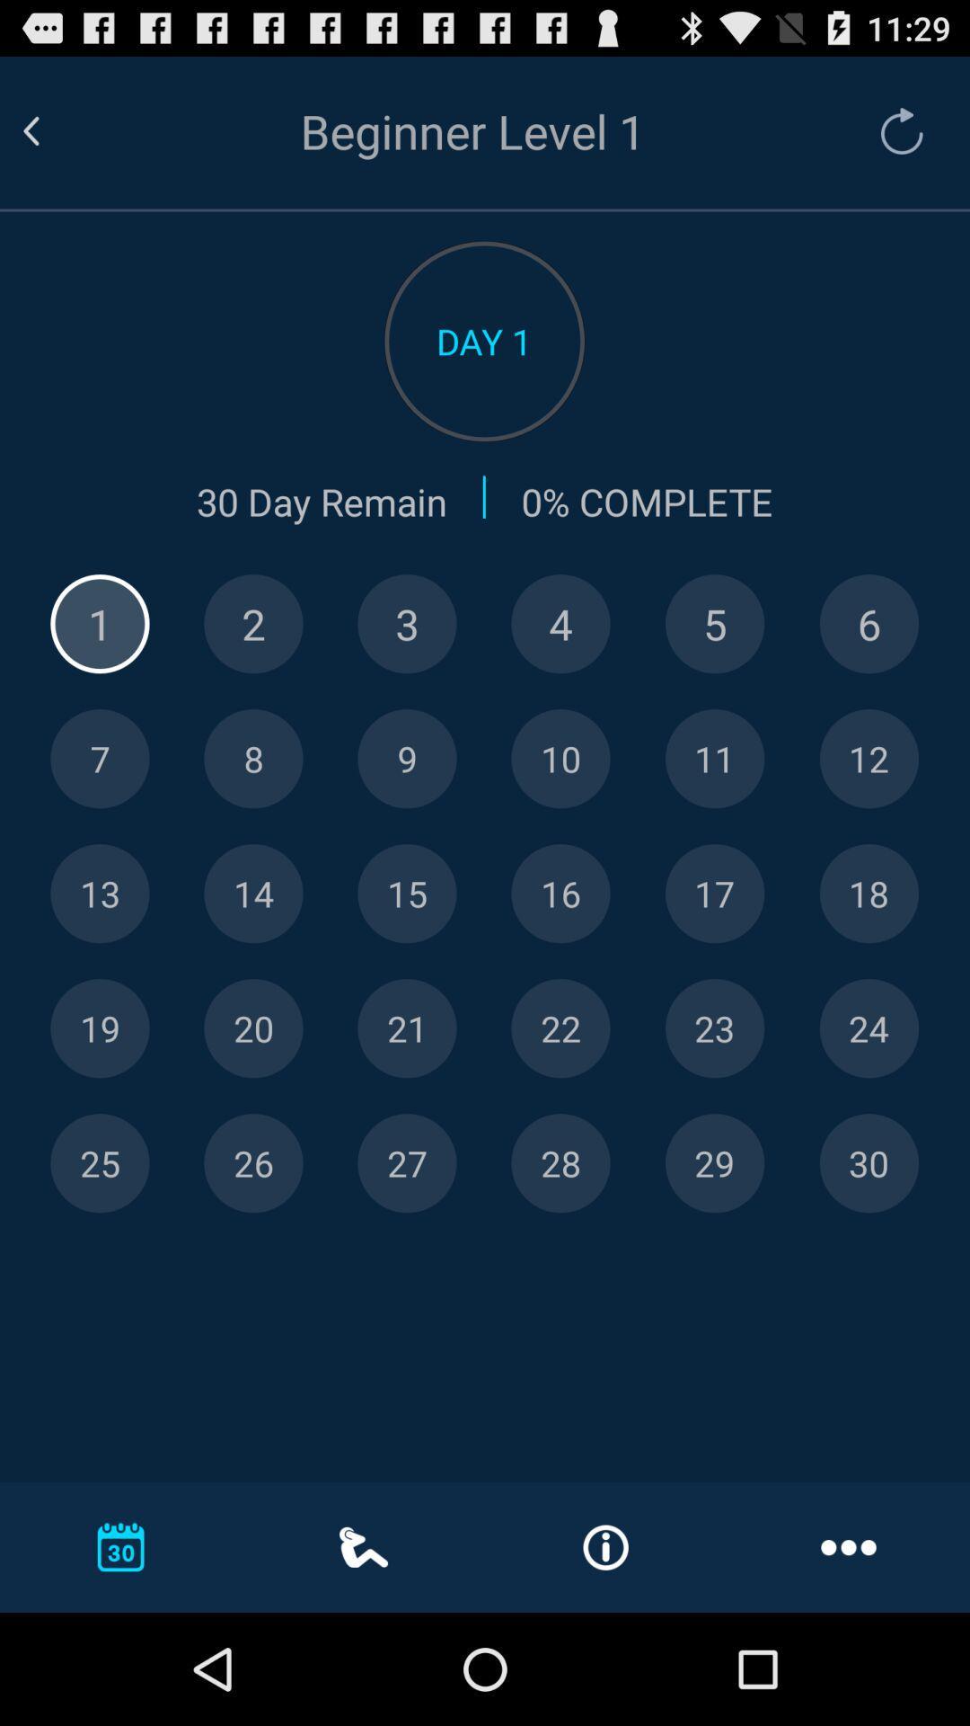 This screenshot has width=970, height=1726. What do you see at coordinates (407, 1163) in the screenshot?
I see `keyboard` at bounding box center [407, 1163].